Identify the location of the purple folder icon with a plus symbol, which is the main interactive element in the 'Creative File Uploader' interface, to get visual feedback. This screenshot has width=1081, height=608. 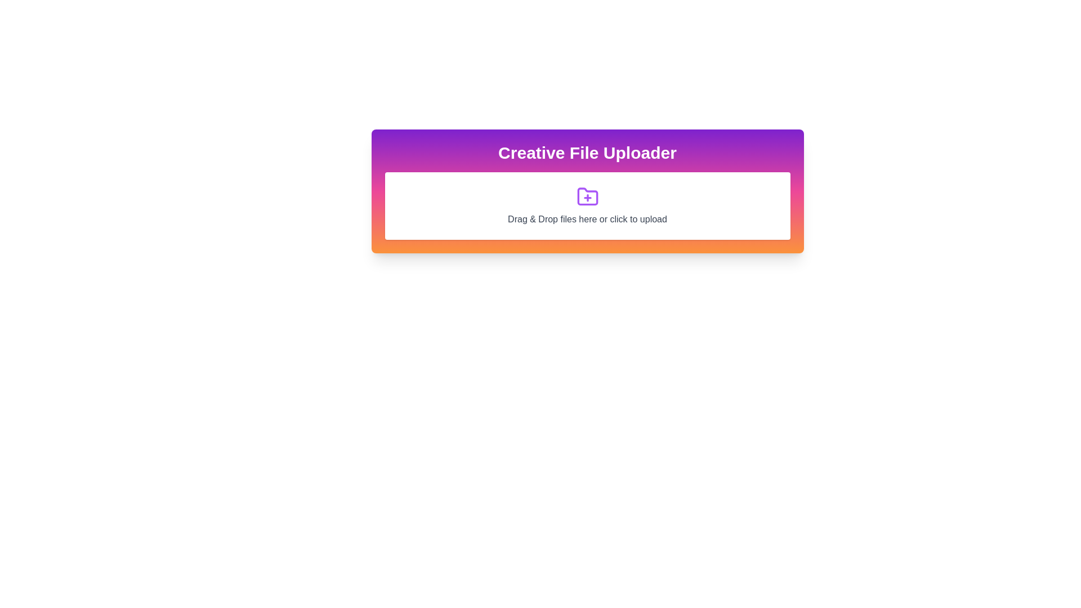
(587, 196).